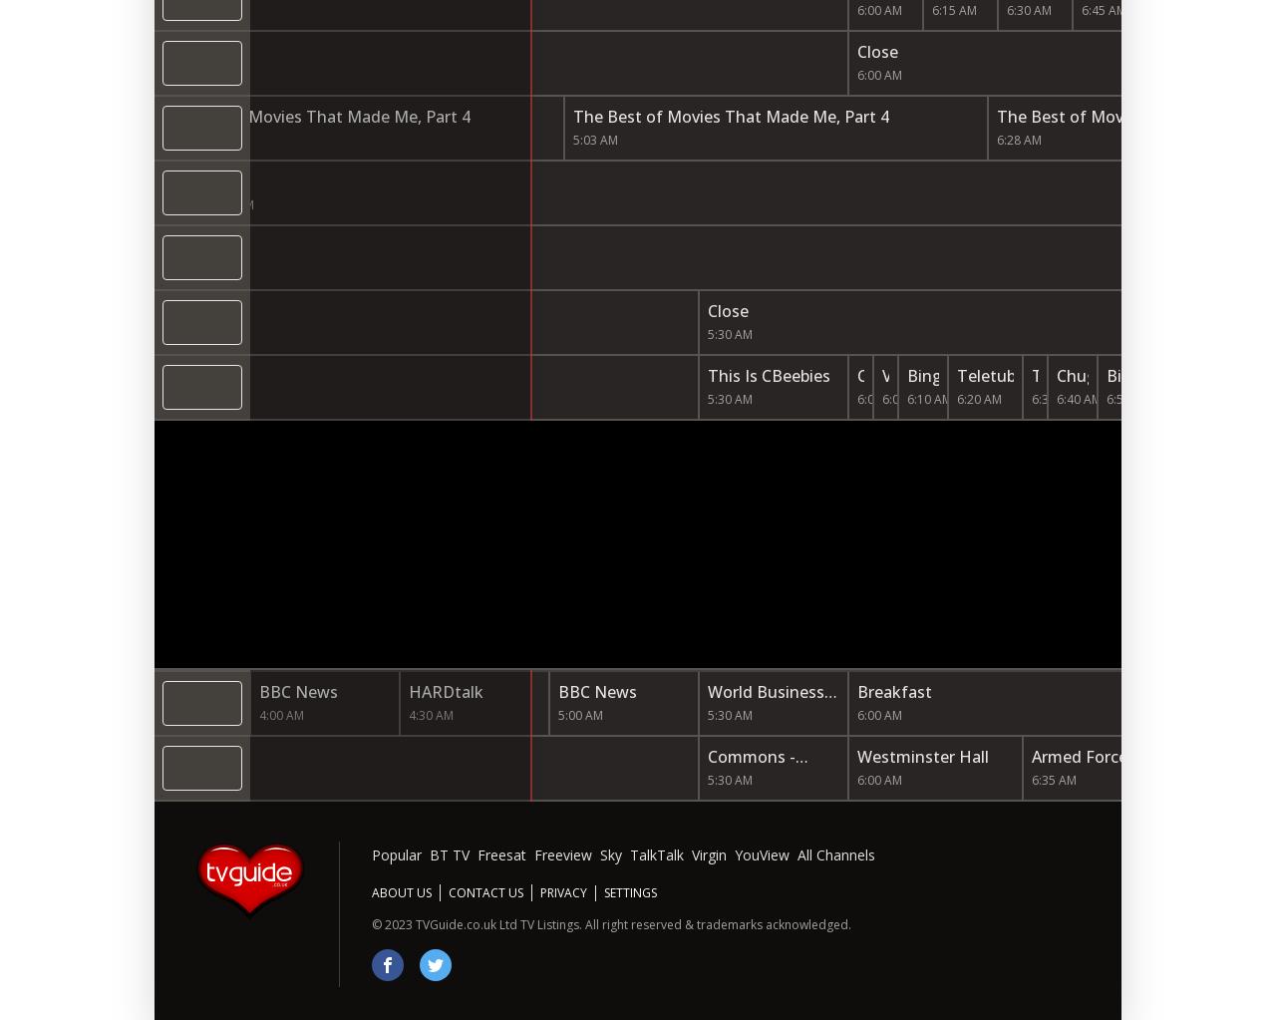 The image size is (1276, 1020). Describe the element at coordinates (903, 399) in the screenshot. I see `'6:05 AM'` at that location.